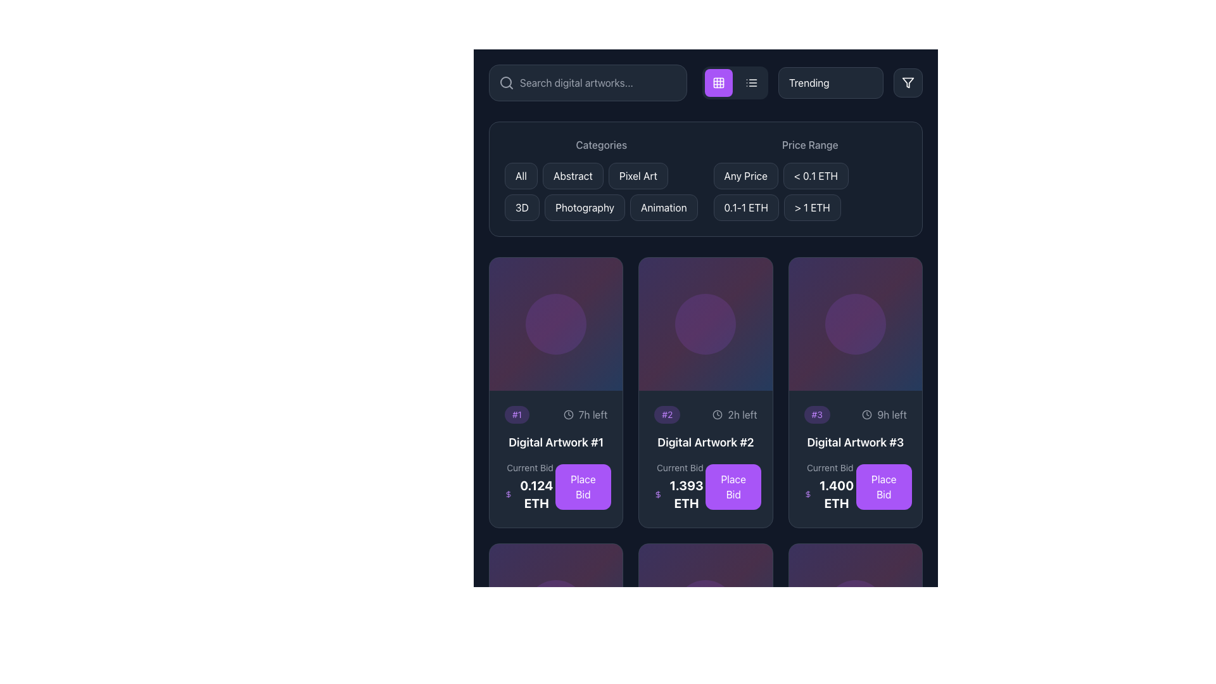 This screenshot has width=1216, height=684. I want to click on the 'share' button located in the upper-right section of the 'Digital Artwork #2' card, which is the third circular button among similar buttons including 'like' and 'view', so click(751, 331).